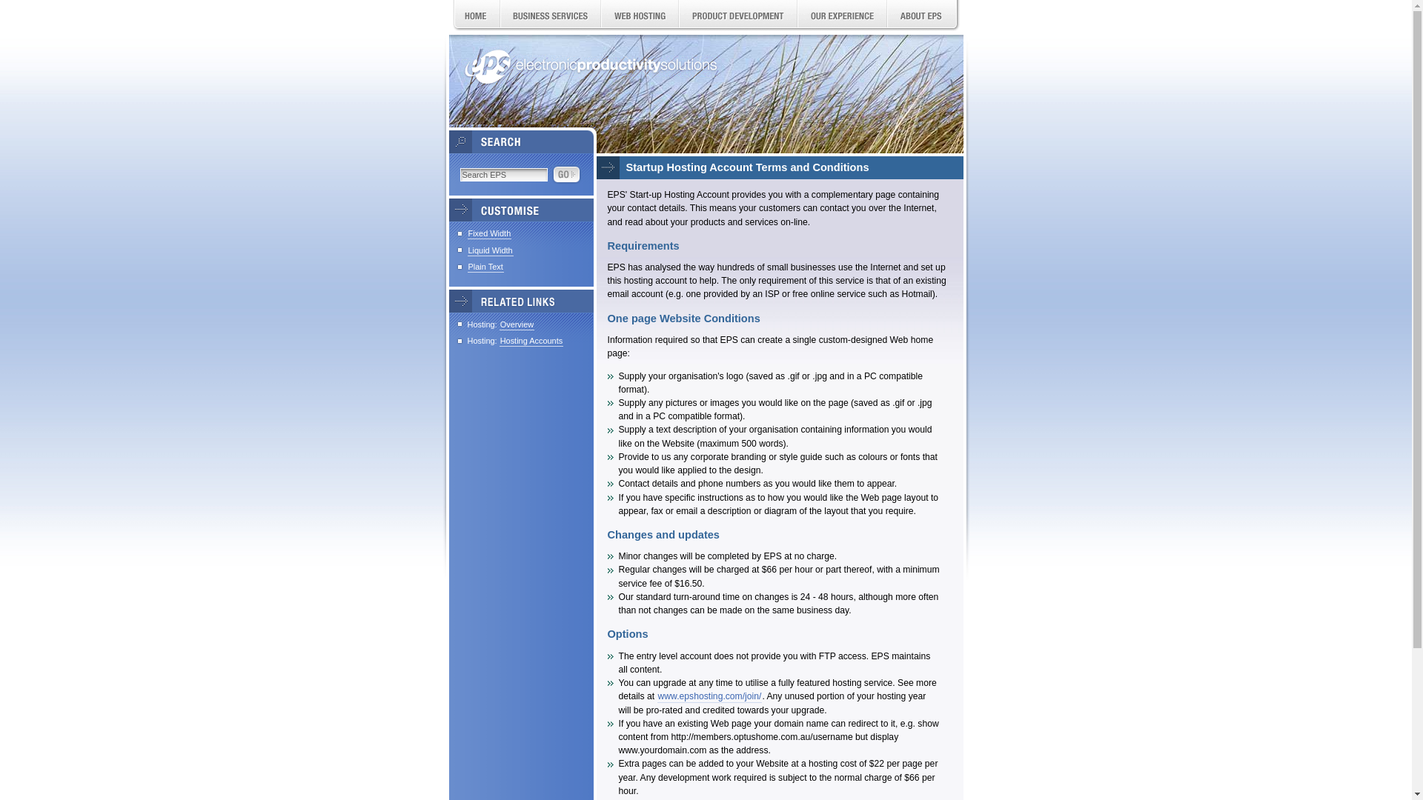  Describe the element at coordinates (565, 173) in the screenshot. I see `'Submit Your Search'` at that location.